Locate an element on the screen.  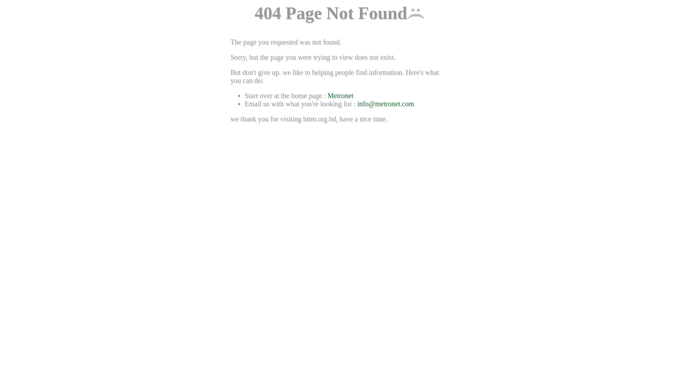
'info@metronet.com' is located at coordinates (385, 103).